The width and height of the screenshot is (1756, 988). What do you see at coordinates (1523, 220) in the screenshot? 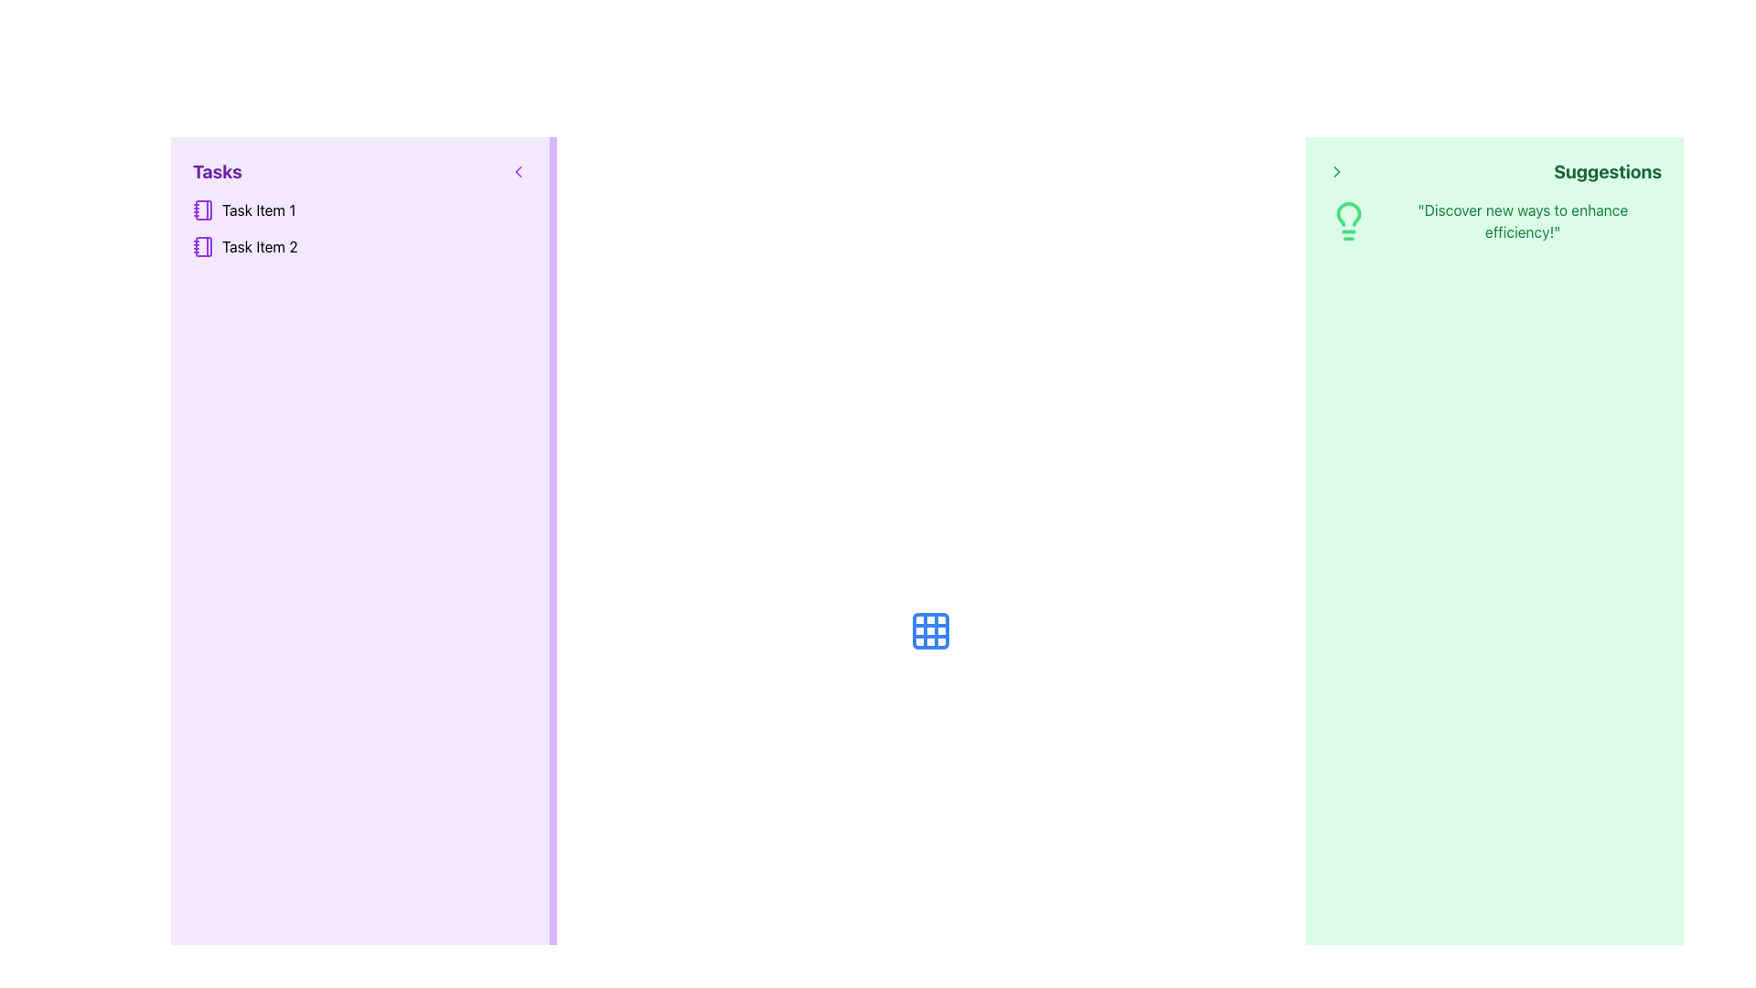
I see `the text element displaying 'Discover new ways to enhance efficiency!' located in the 'Suggestions' section, which is styled in green and bold, positioned below the section label` at bounding box center [1523, 220].